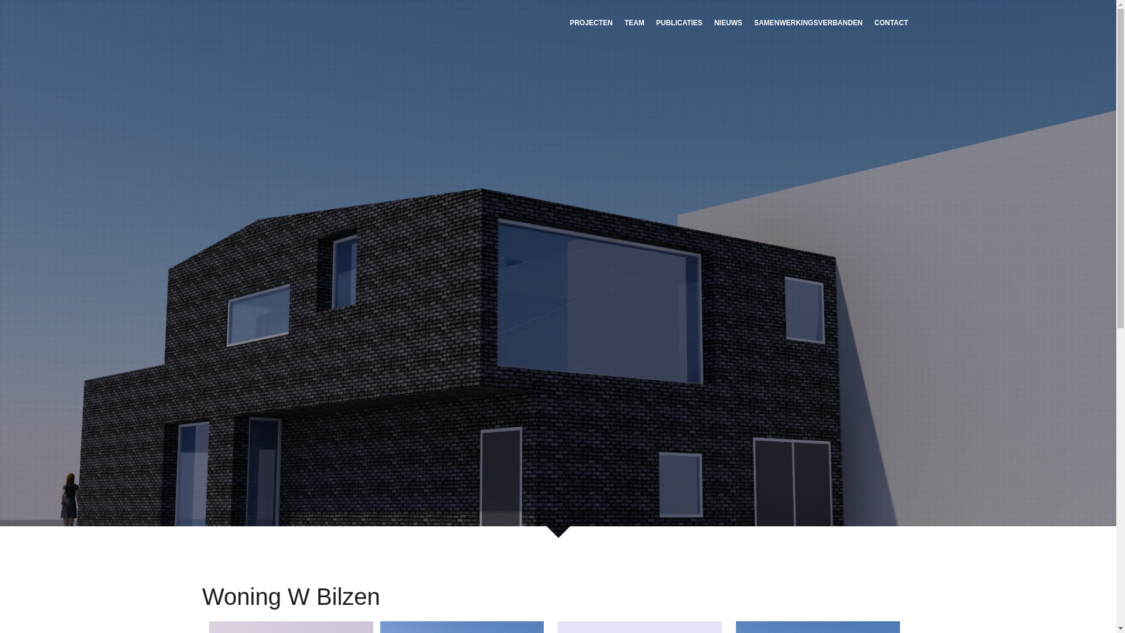 This screenshot has height=633, width=1125. Describe the element at coordinates (679, 22) in the screenshot. I see `'PUBLICATIES'` at that location.